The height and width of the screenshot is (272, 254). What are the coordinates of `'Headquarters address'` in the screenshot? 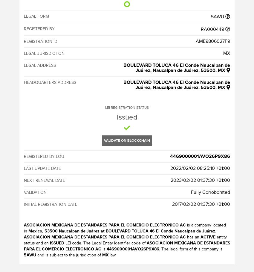 It's located at (50, 82).